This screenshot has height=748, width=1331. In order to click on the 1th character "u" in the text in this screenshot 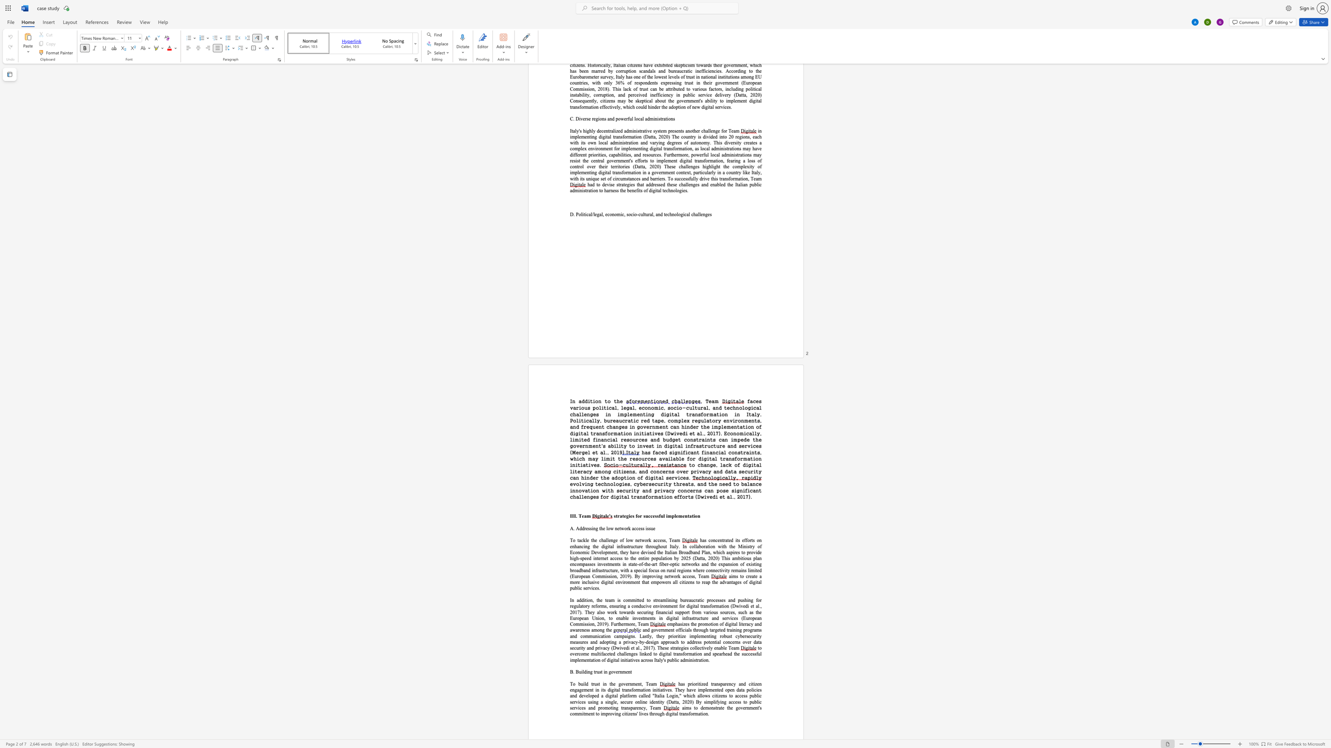, I will do `click(655, 570)`.